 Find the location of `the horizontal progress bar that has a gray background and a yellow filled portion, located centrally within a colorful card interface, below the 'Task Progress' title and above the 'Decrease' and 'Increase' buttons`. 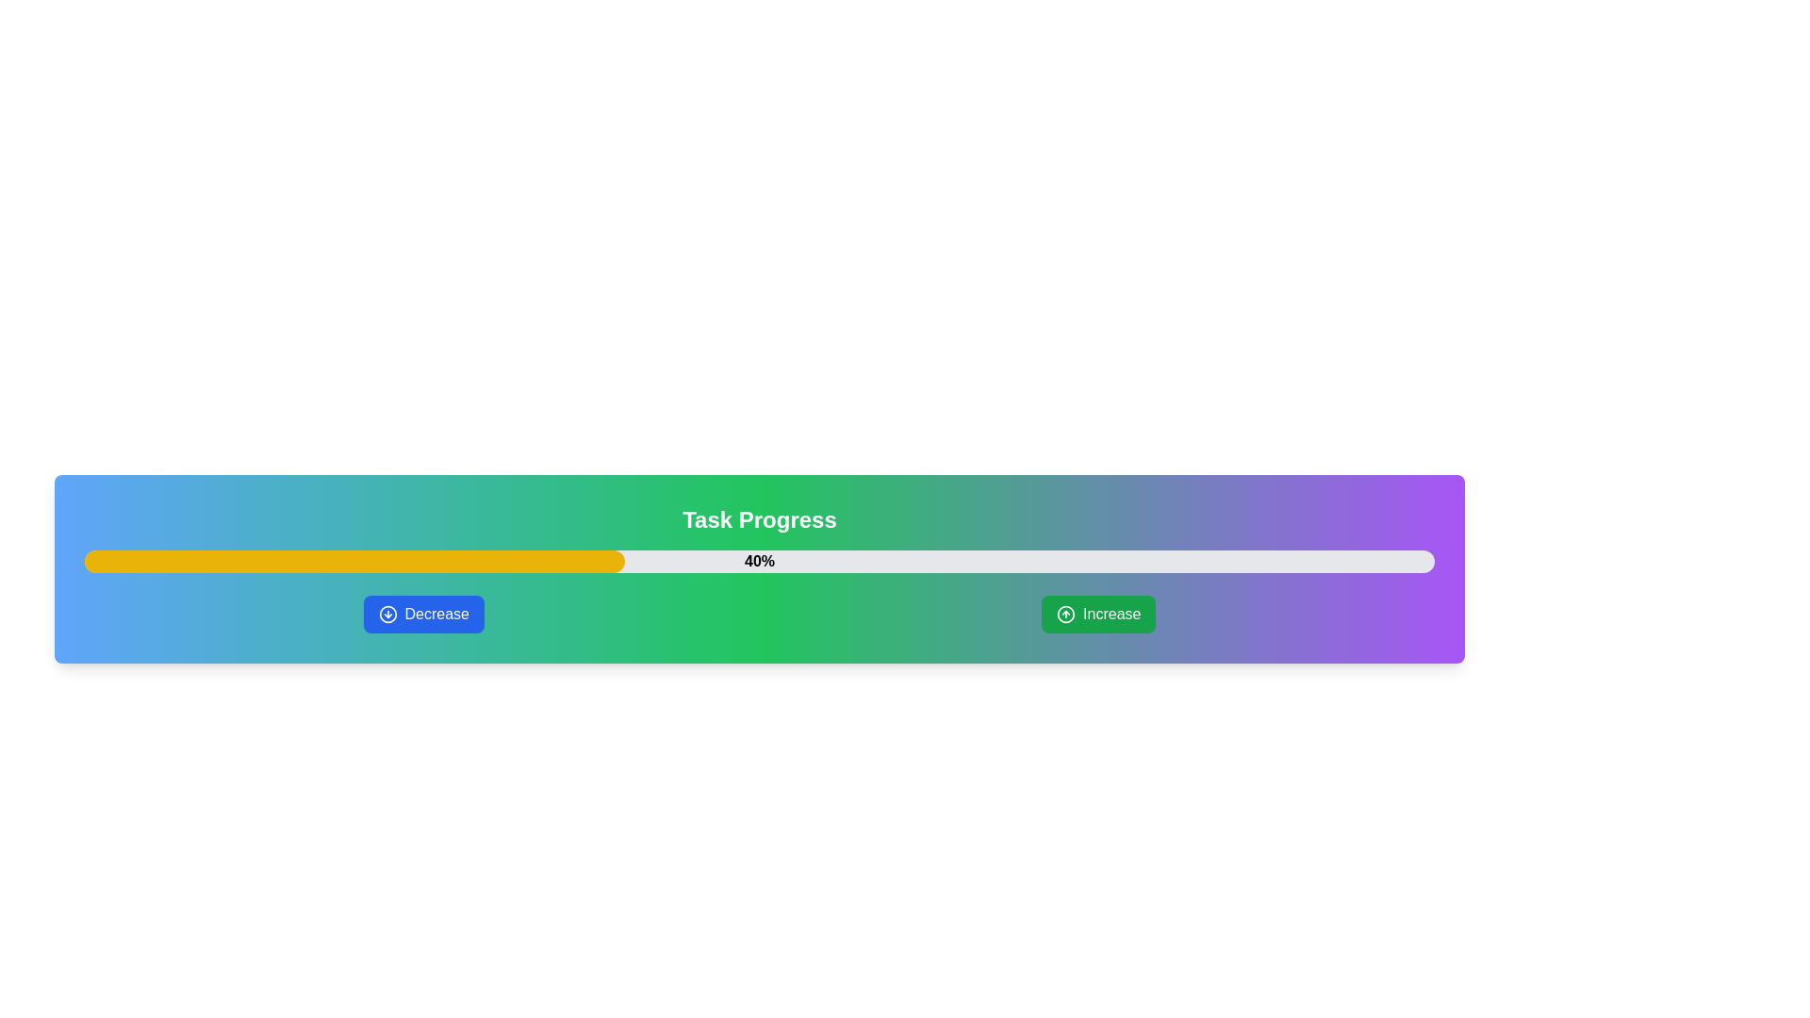

the horizontal progress bar that has a gray background and a yellow filled portion, located centrally within a colorful card interface, below the 'Task Progress' title and above the 'Decrease' and 'Increase' buttons is located at coordinates (760, 561).